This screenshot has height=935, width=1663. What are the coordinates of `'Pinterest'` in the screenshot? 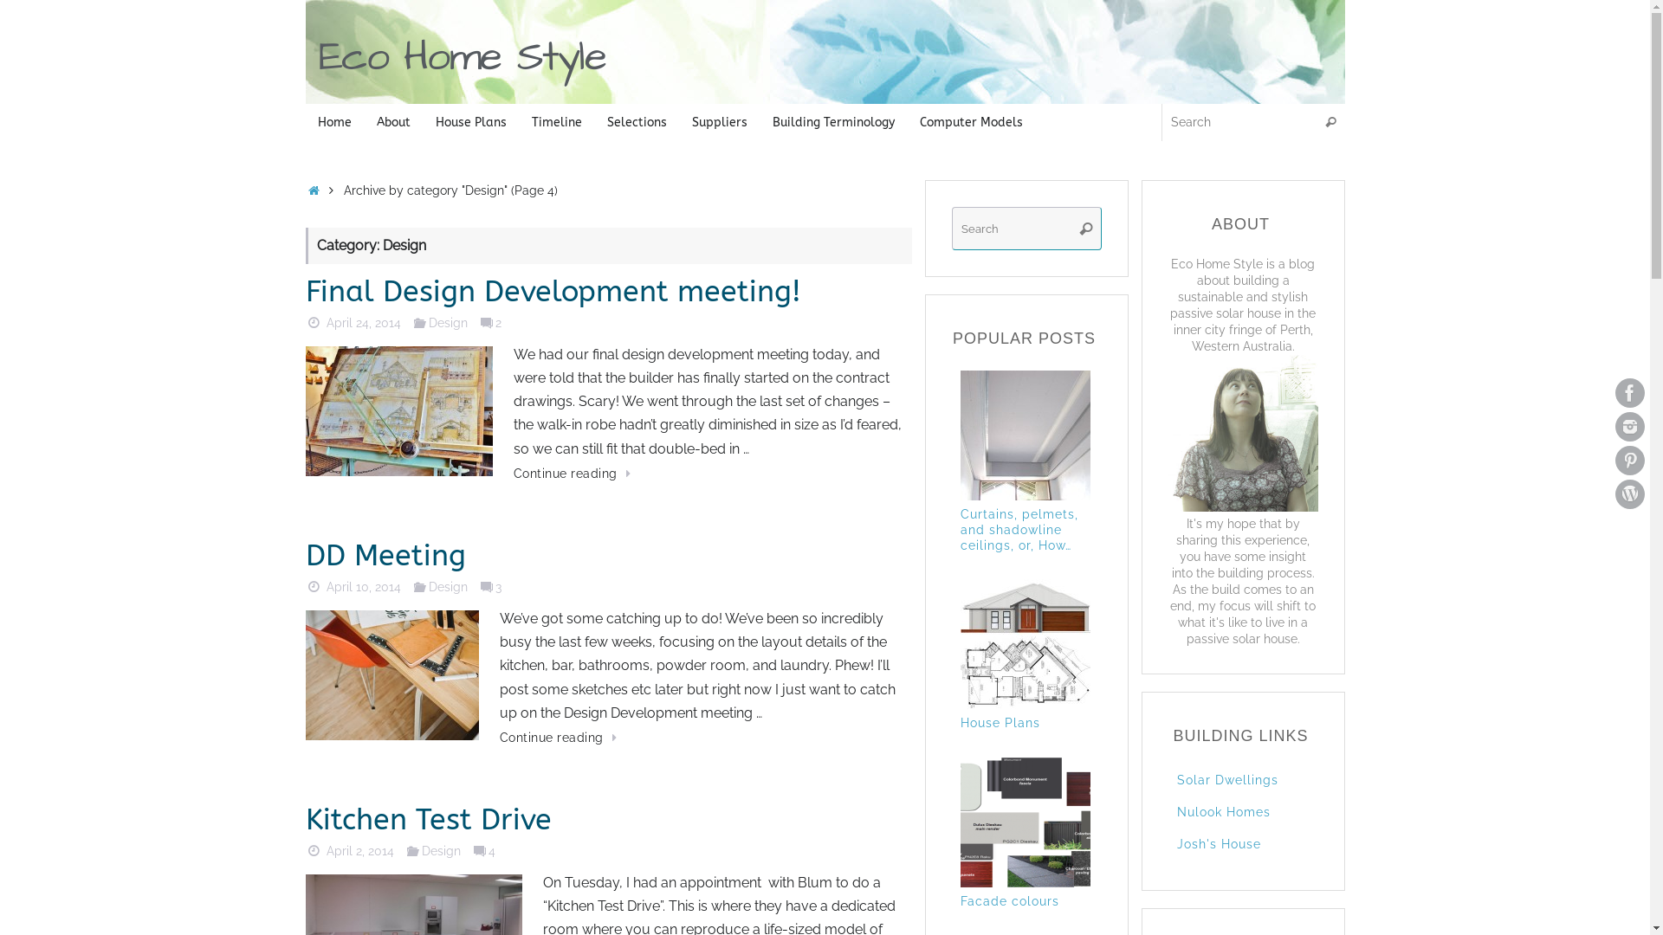 It's located at (1614, 460).